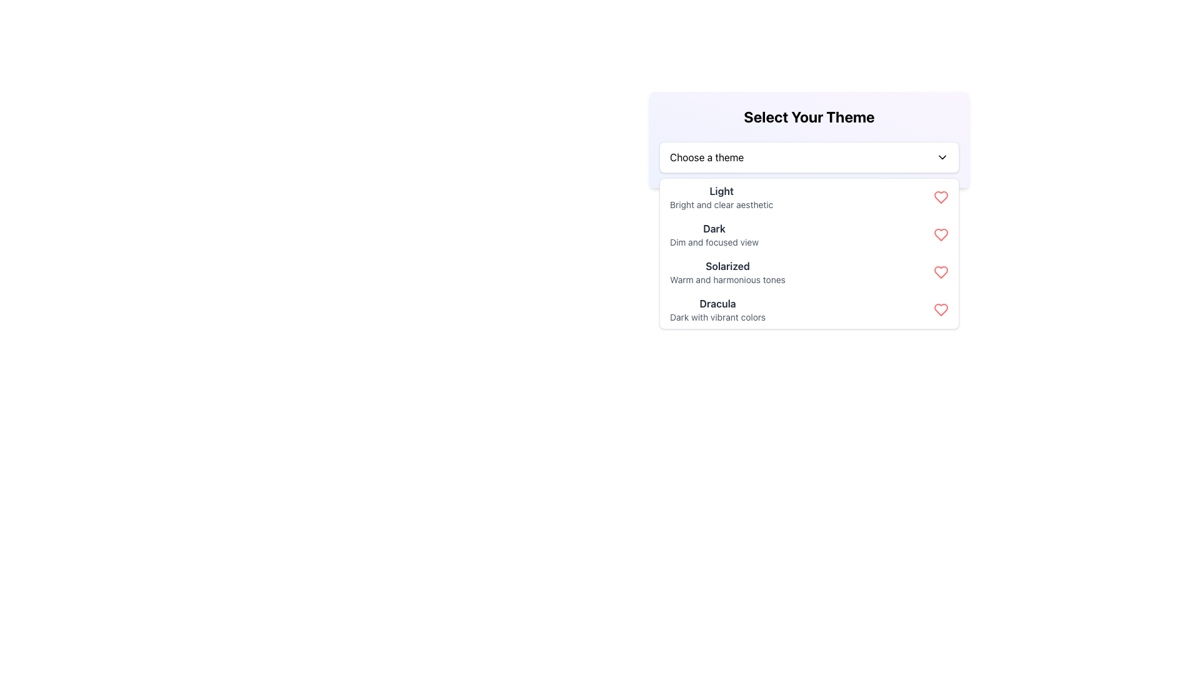  What do you see at coordinates (727, 271) in the screenshot?
I see `the text block element labeled 'Solarized' which is the third item in the dropdown menu 'Select Your Theme' that displays the description 'Warm and harmonious tones.'` at bounding box center [727, 271].